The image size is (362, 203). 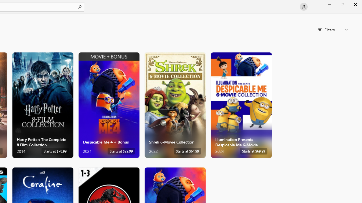 I want to click on 'Restore Microsoft Store', so click(x=342, y=4).